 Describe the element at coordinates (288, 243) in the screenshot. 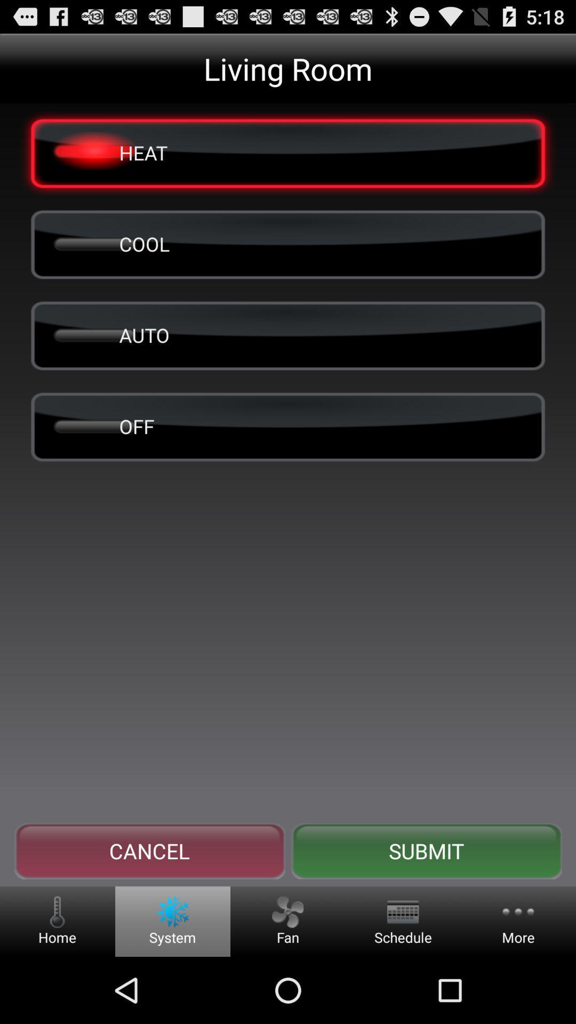

I see `item above auto button` at that location.